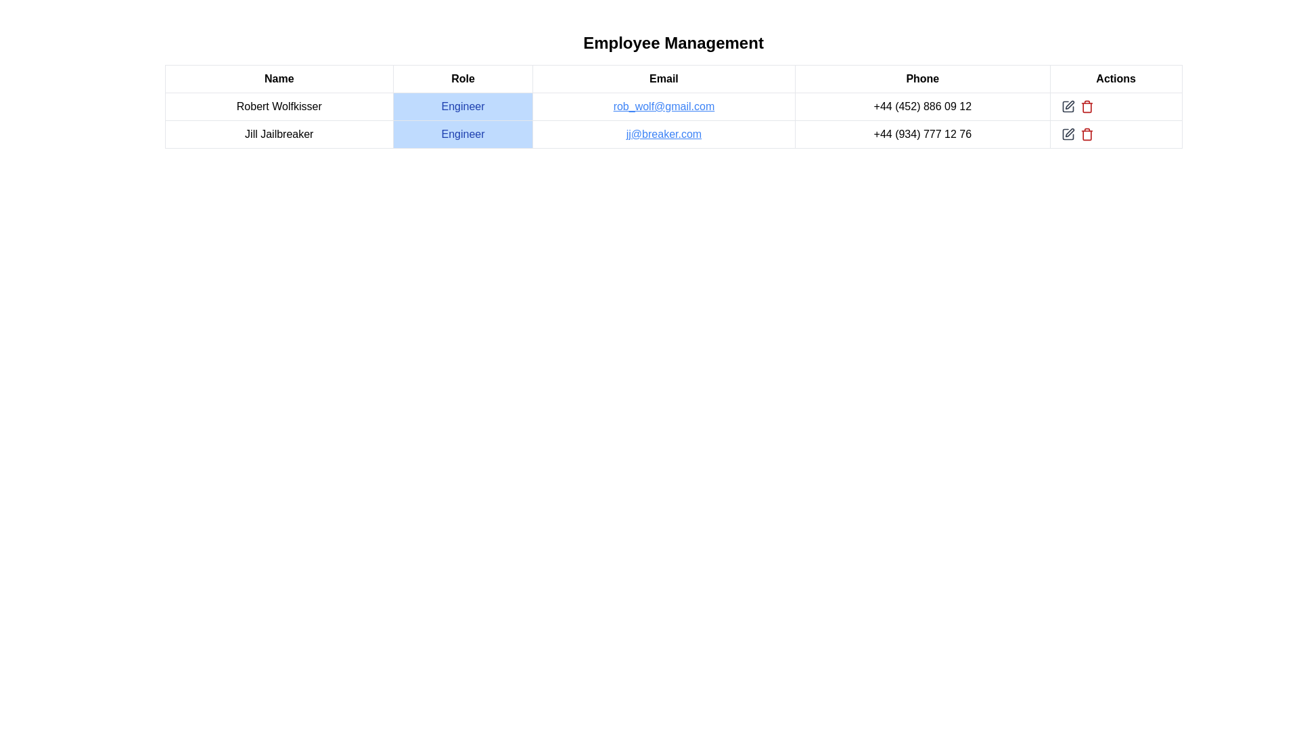 Image resolution: width=1299 pixels, height=730 pixels. Describe the element at coordinates (463, 135) in the screenshot. I see `the blue rectangular Informational Label displaying the text 'Engineer' associated with the role title for 'Jill Jailbreaker' in the Role column of the table` at that location.